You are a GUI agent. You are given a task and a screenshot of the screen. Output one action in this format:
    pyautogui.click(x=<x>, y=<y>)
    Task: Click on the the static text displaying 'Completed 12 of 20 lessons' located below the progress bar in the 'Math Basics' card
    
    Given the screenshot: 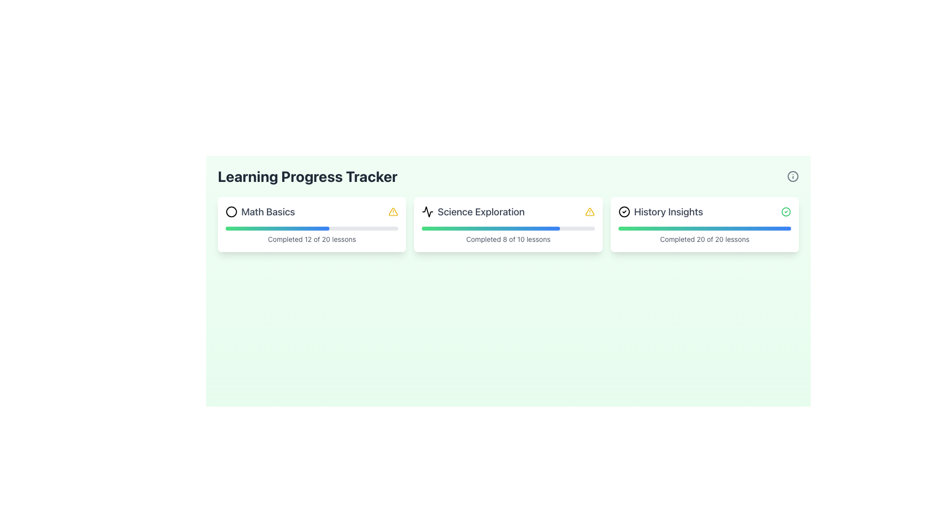 What is the action you would take?
    pyautogui.click(x=311, y=239)
    